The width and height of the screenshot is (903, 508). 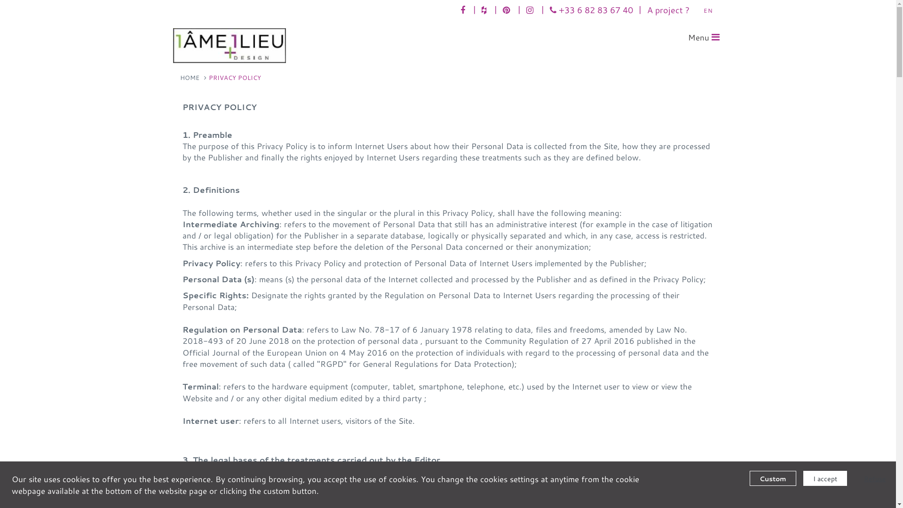 What do you see at coordinates (590, 9) in the screenshot?
I see `' +33 6 82 83 67 40'` at bounding box center [590, 9].